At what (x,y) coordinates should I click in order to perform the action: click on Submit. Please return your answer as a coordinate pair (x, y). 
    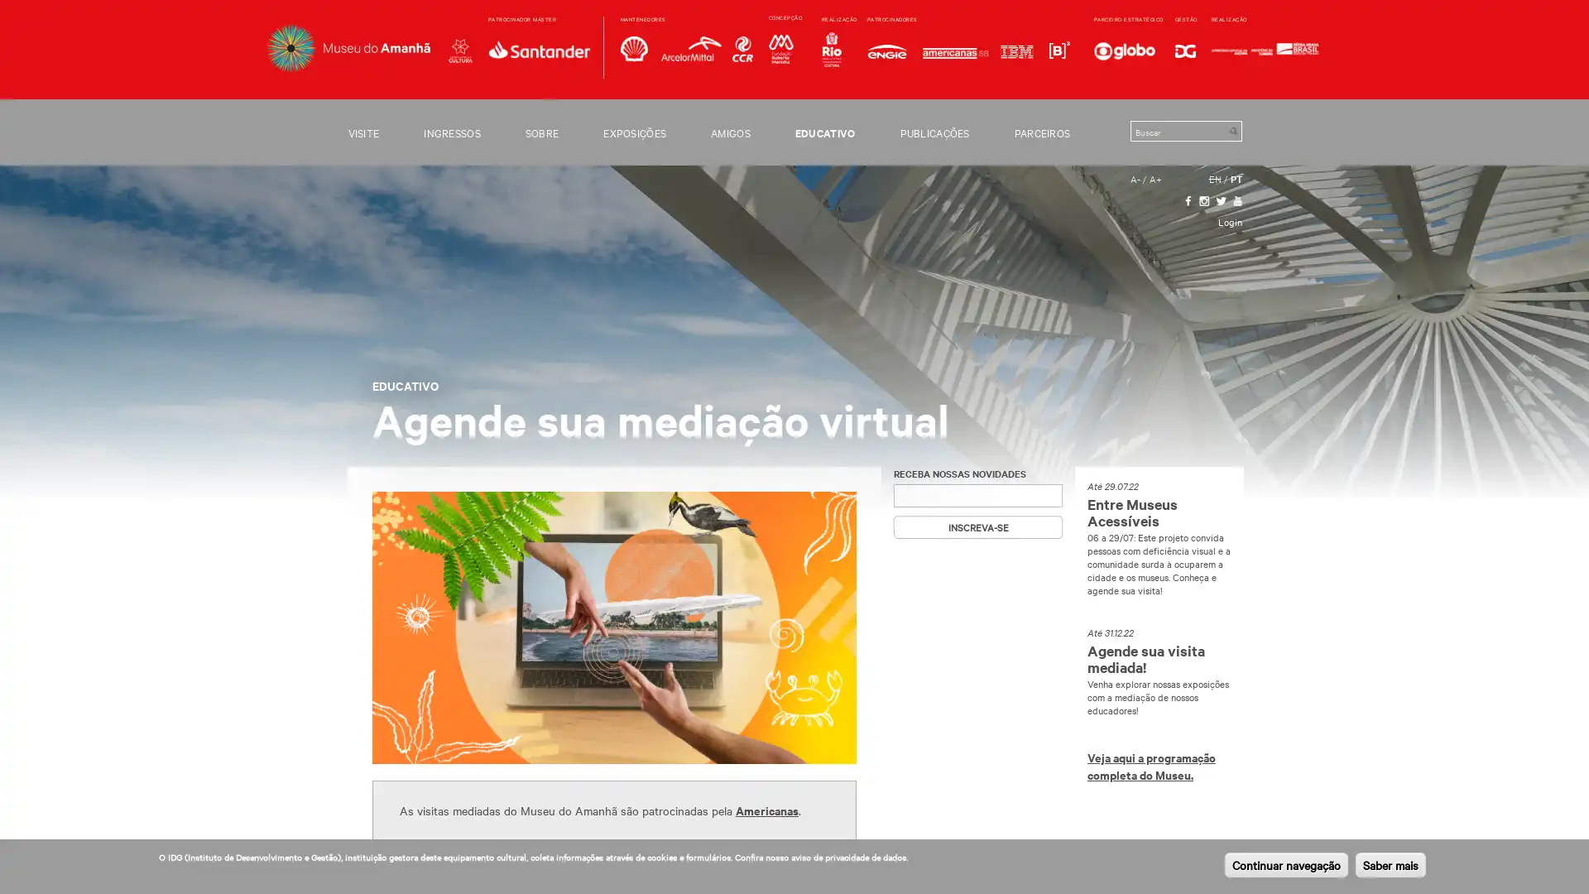
    Looking at the image, I should click on (1232, 130).